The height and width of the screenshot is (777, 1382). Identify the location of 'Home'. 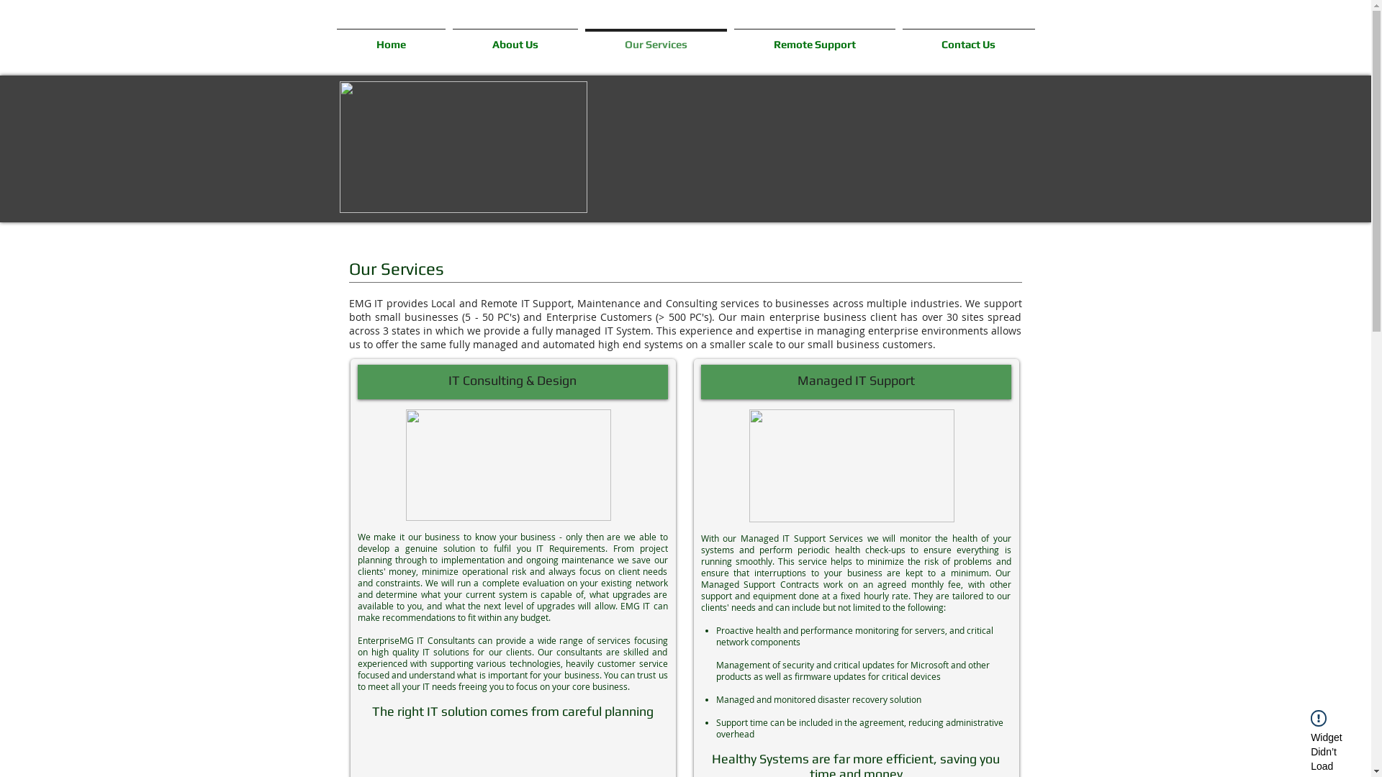
(331, 37).